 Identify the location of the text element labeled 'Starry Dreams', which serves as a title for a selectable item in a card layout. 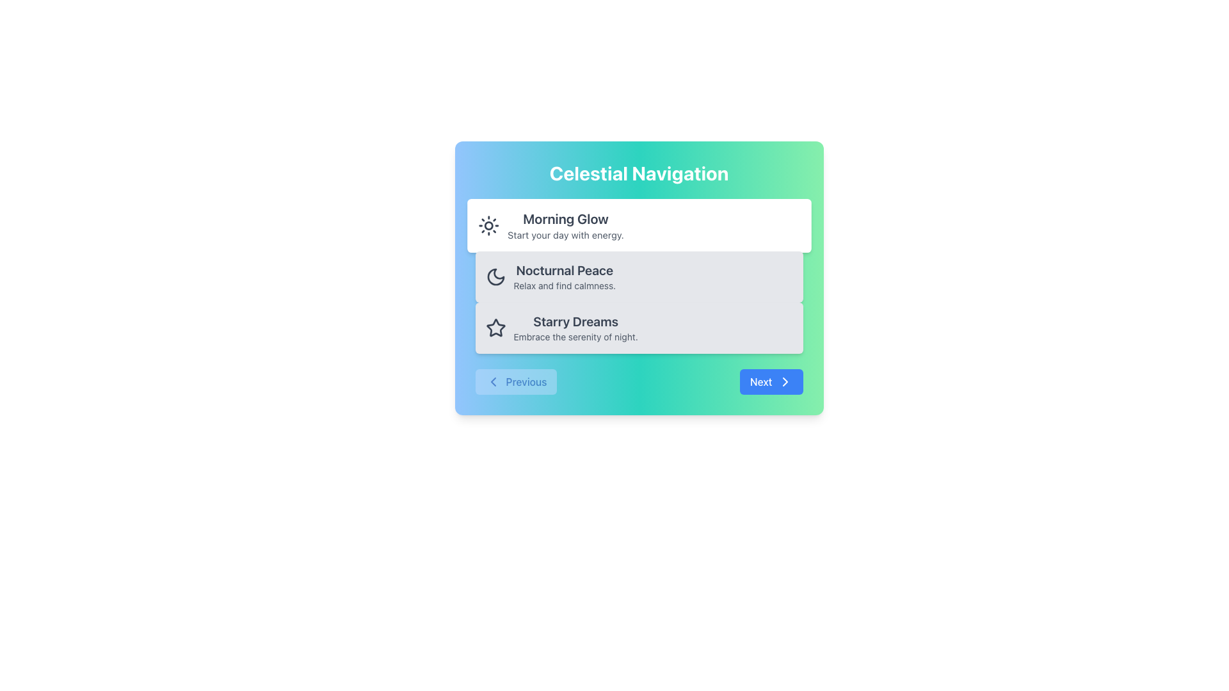
(575, 321).